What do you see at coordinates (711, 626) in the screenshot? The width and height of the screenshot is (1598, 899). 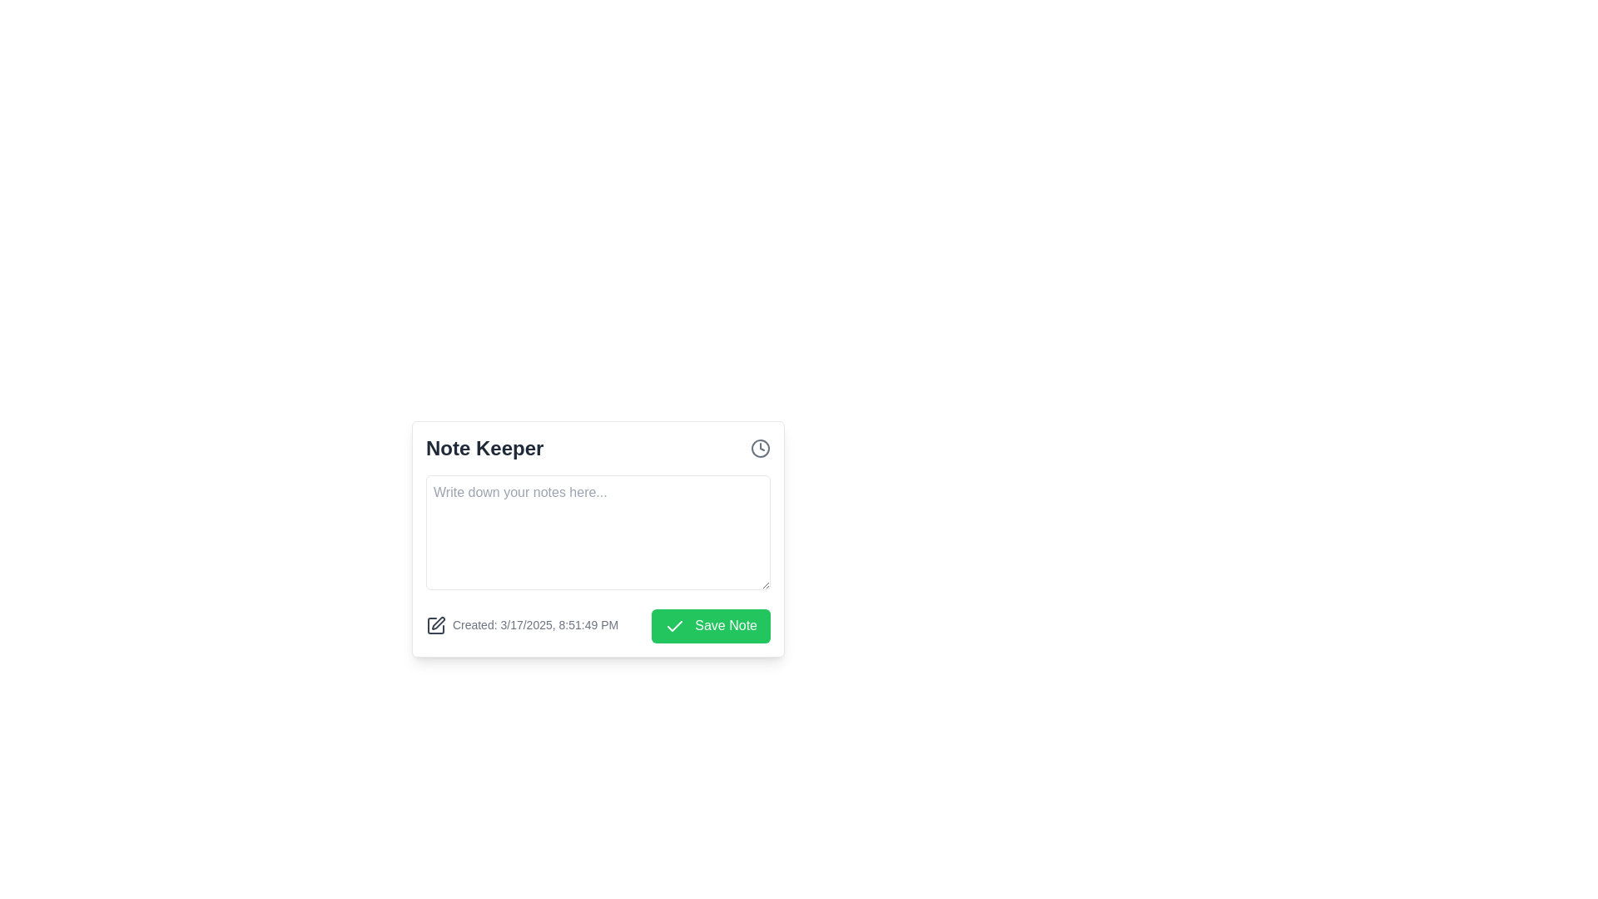 I see `the 'Save Note' button with a green background and white text` at bounding box center [711, 626].